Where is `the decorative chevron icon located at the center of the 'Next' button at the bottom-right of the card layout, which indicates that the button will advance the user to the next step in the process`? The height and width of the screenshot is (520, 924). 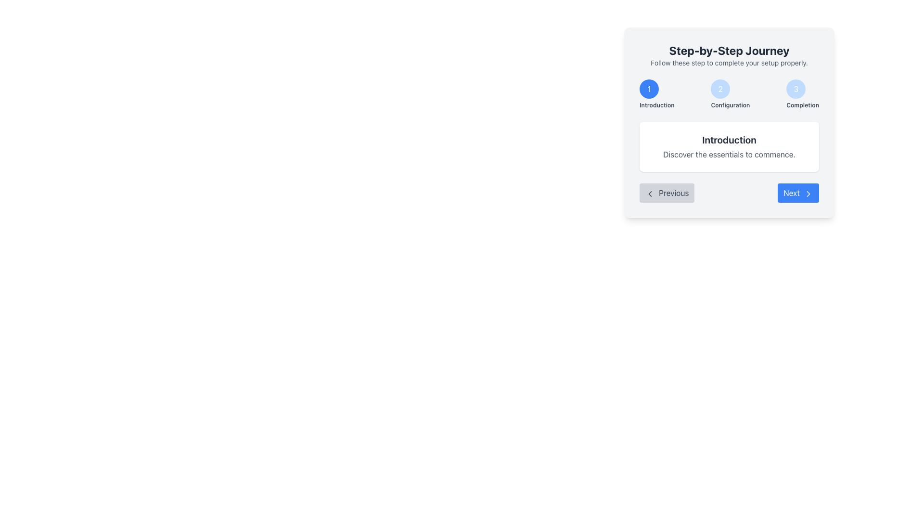
the decorative chevron icon located at the center of the 'Next' button at the bottom-right of the card layout, which indicates that the button will advance the user to the next step in the process is located at coordinates (808, 193).